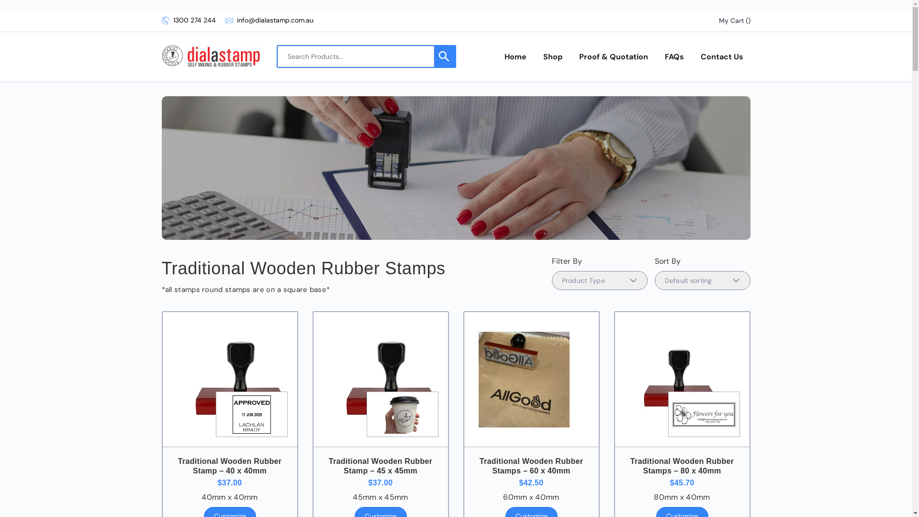 Image resolution: width=919 pixels, height=517 pixels. I want to click on 'Home', so click(515, 56).